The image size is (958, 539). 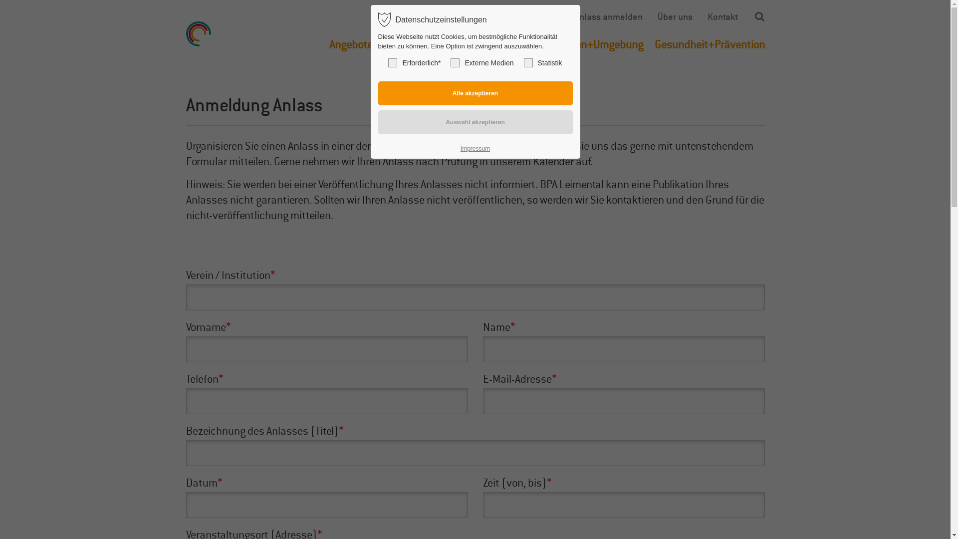 What do you see at coordinates (608, 16) in the screenshot?
I see `'Anlass anmelden'` at bounding box center [608, 16].